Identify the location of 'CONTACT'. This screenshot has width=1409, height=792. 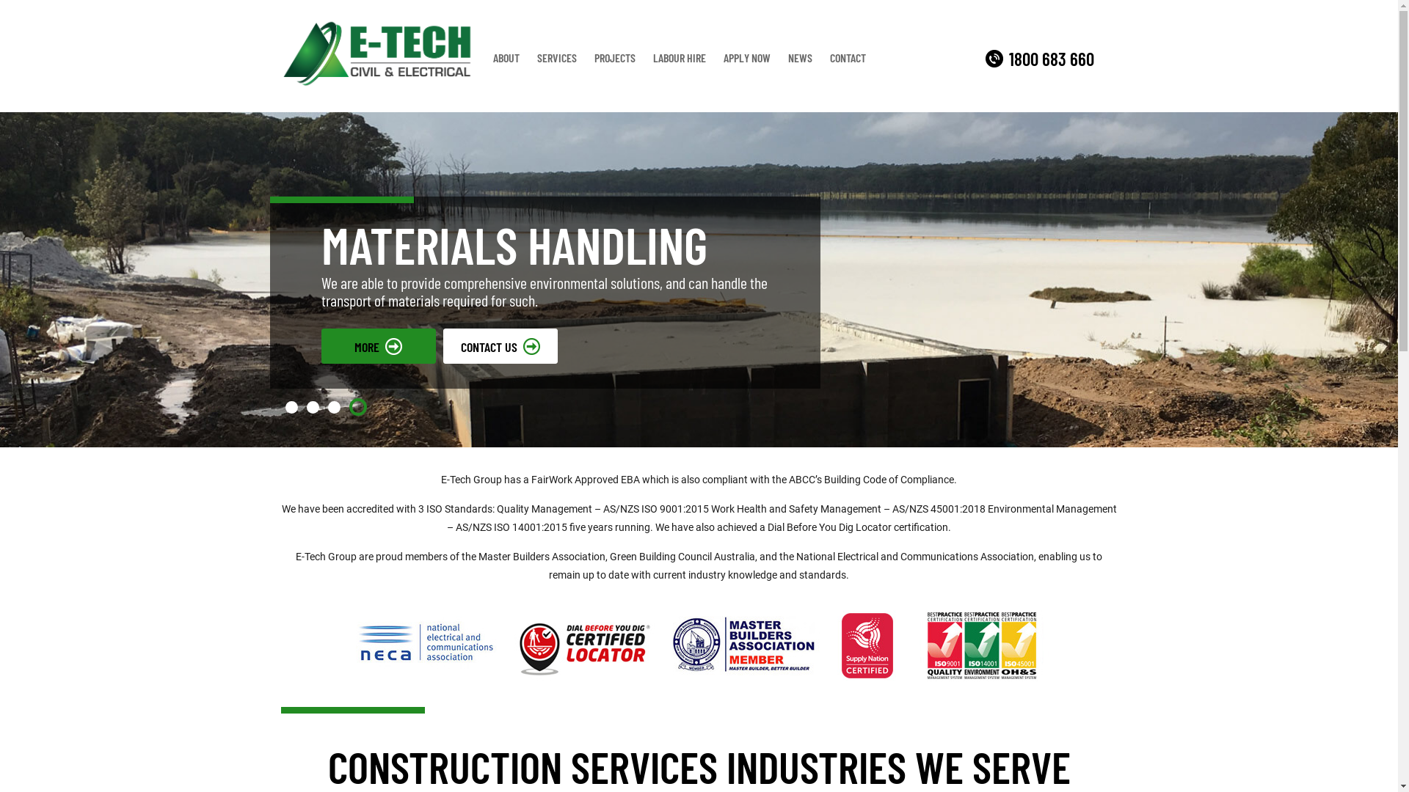
(848, 56).